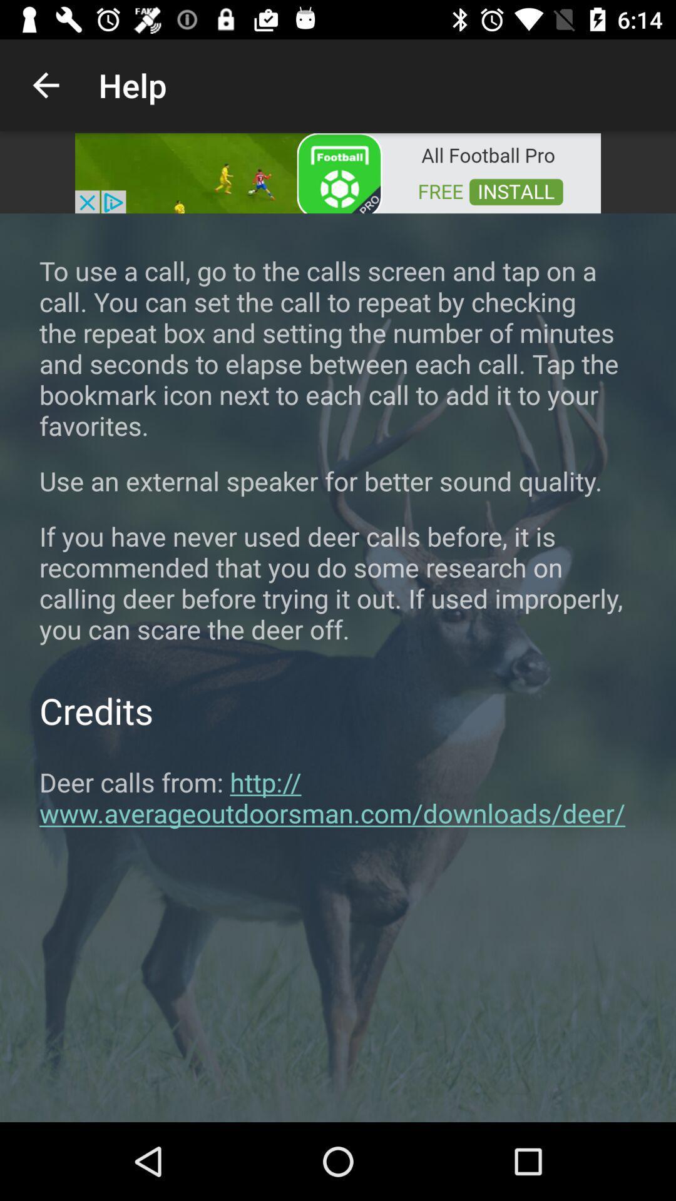  What do you see at coordinates (338, 171) in the screenshot?
I see `the option` at bounding box center [338, 171].